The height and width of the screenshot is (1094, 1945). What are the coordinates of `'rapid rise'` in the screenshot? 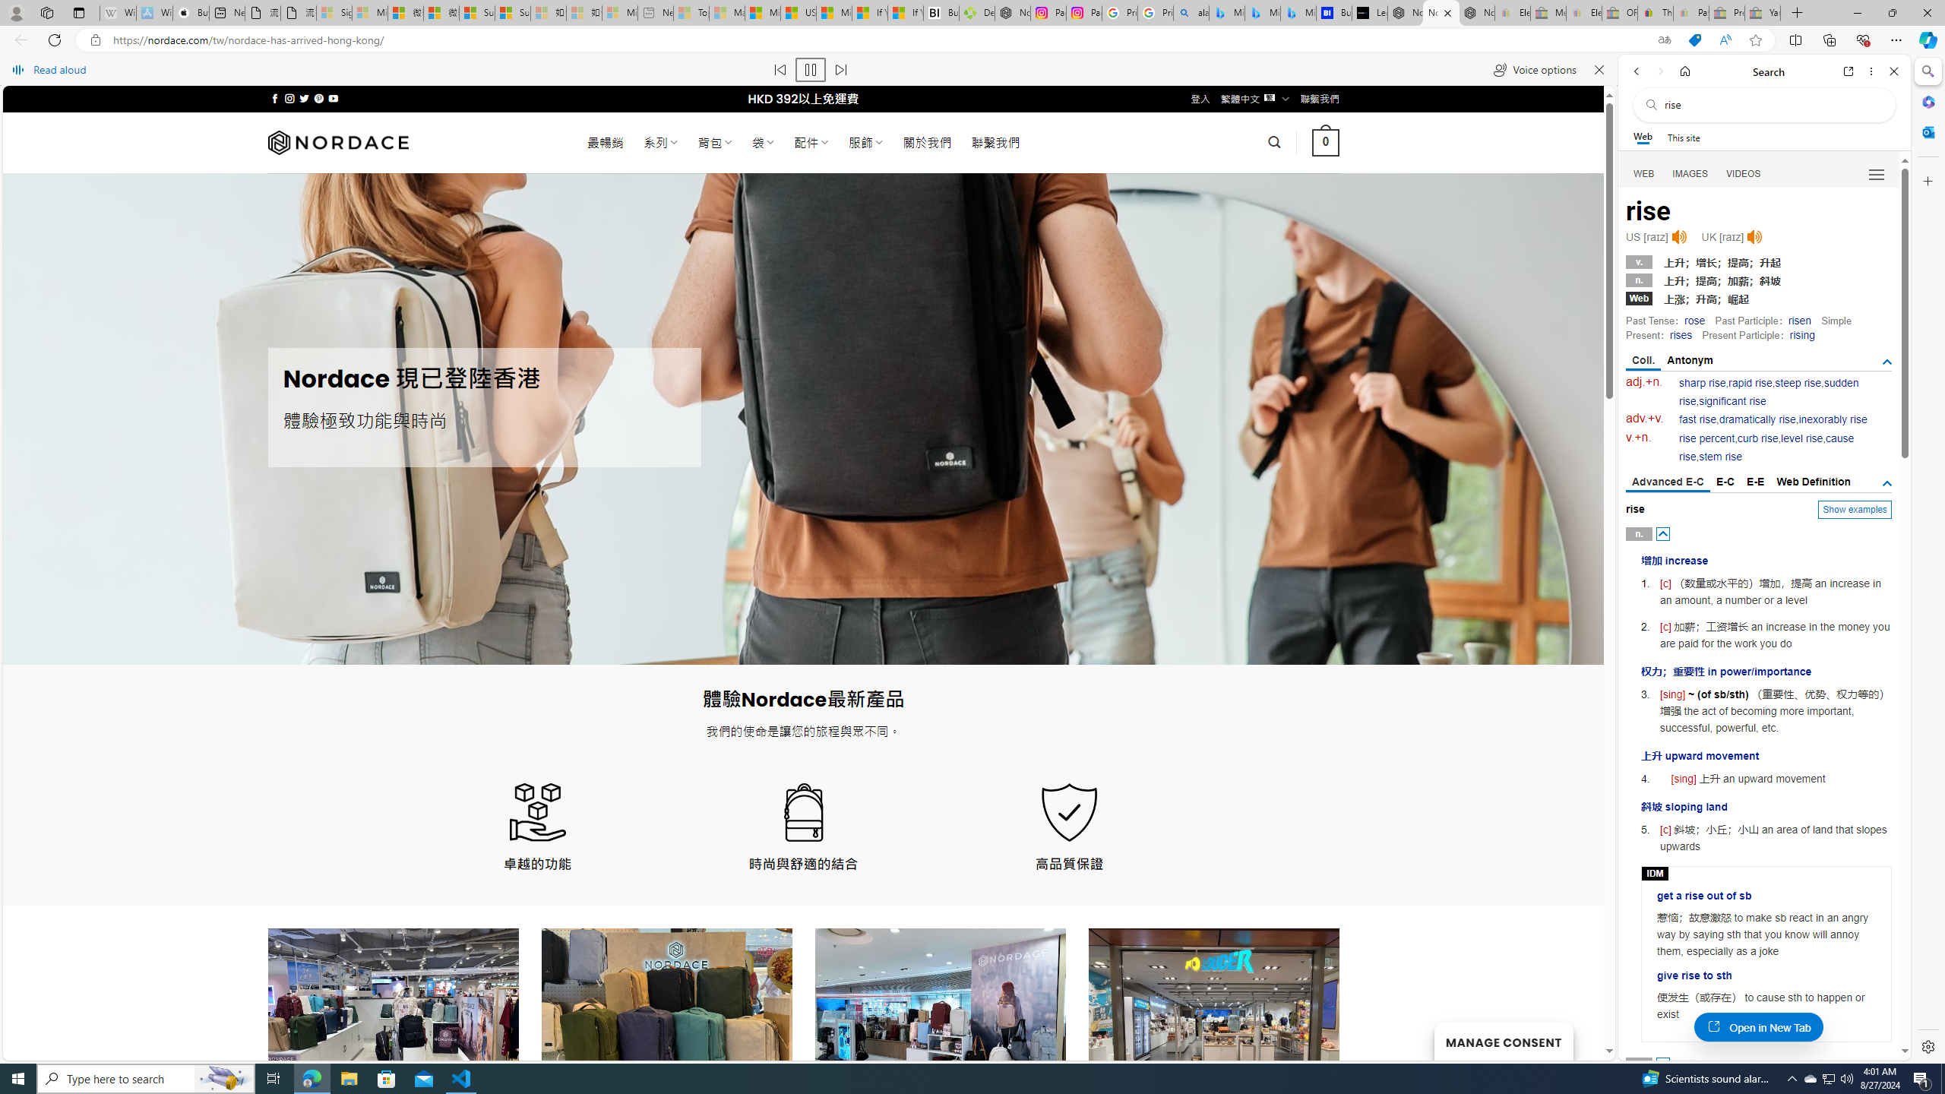 It's located at (1750, 382).